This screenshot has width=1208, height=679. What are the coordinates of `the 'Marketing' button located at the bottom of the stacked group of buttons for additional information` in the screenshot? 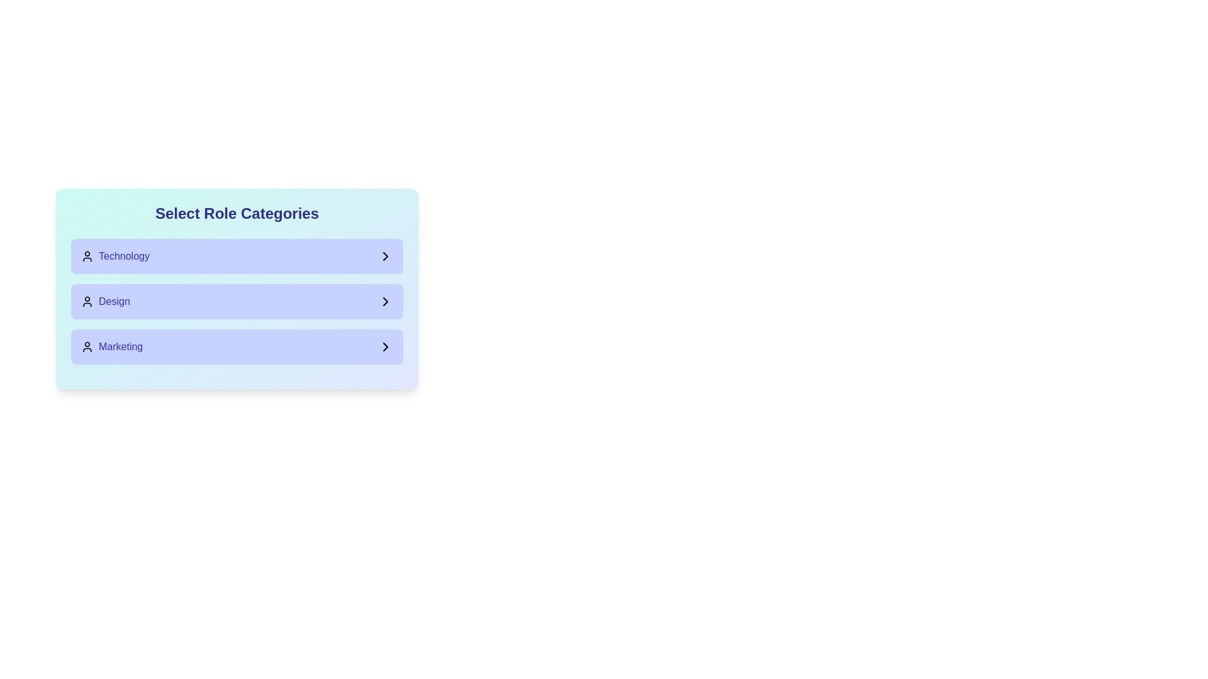 It's located at (237, 346).